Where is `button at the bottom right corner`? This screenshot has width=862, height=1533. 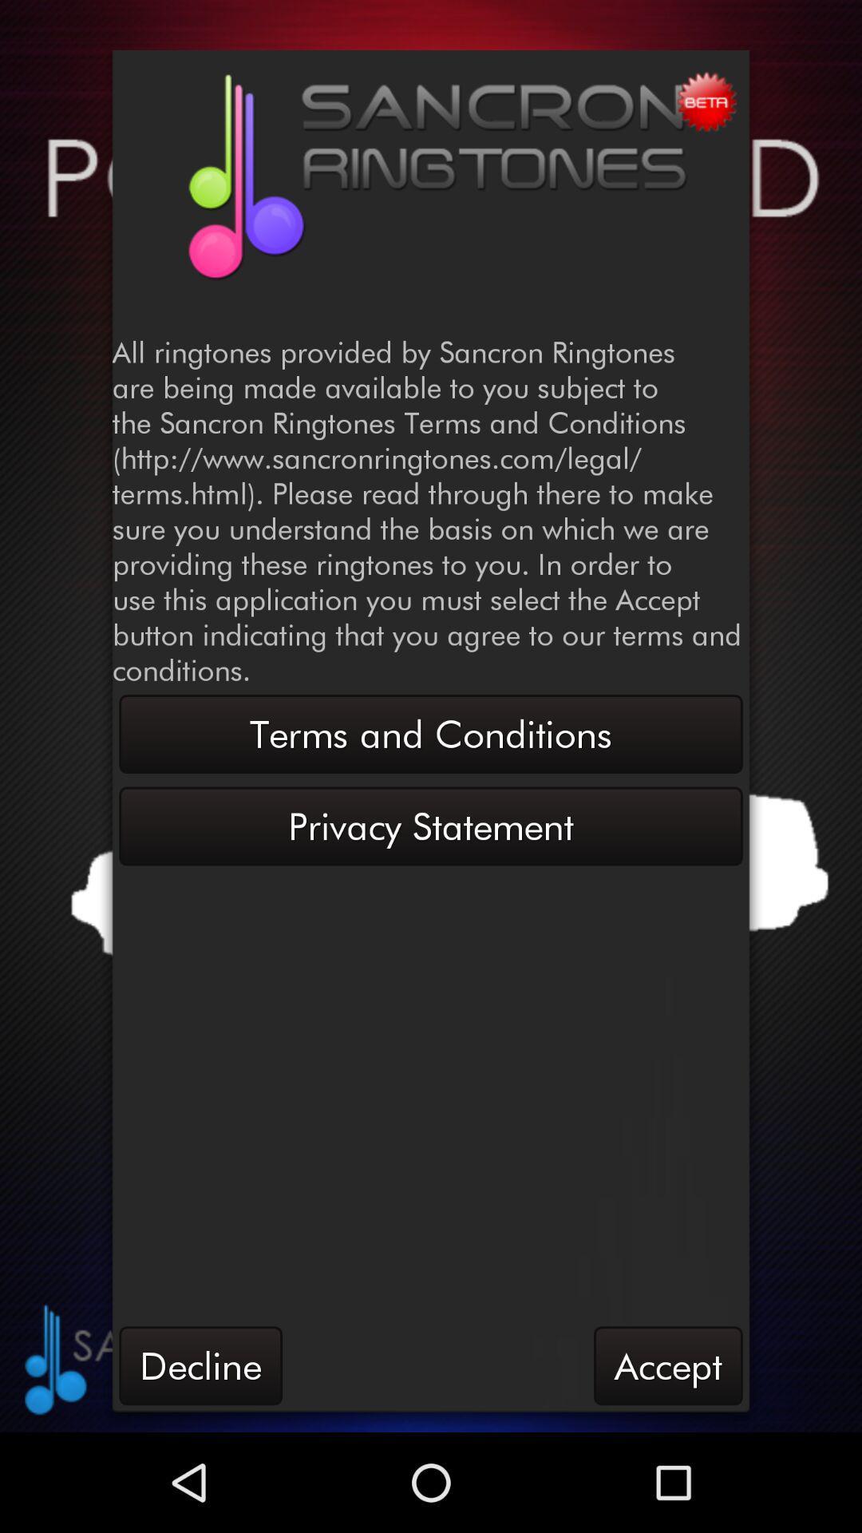 button at the bottom right corner is located at coordinates (668, 1365).